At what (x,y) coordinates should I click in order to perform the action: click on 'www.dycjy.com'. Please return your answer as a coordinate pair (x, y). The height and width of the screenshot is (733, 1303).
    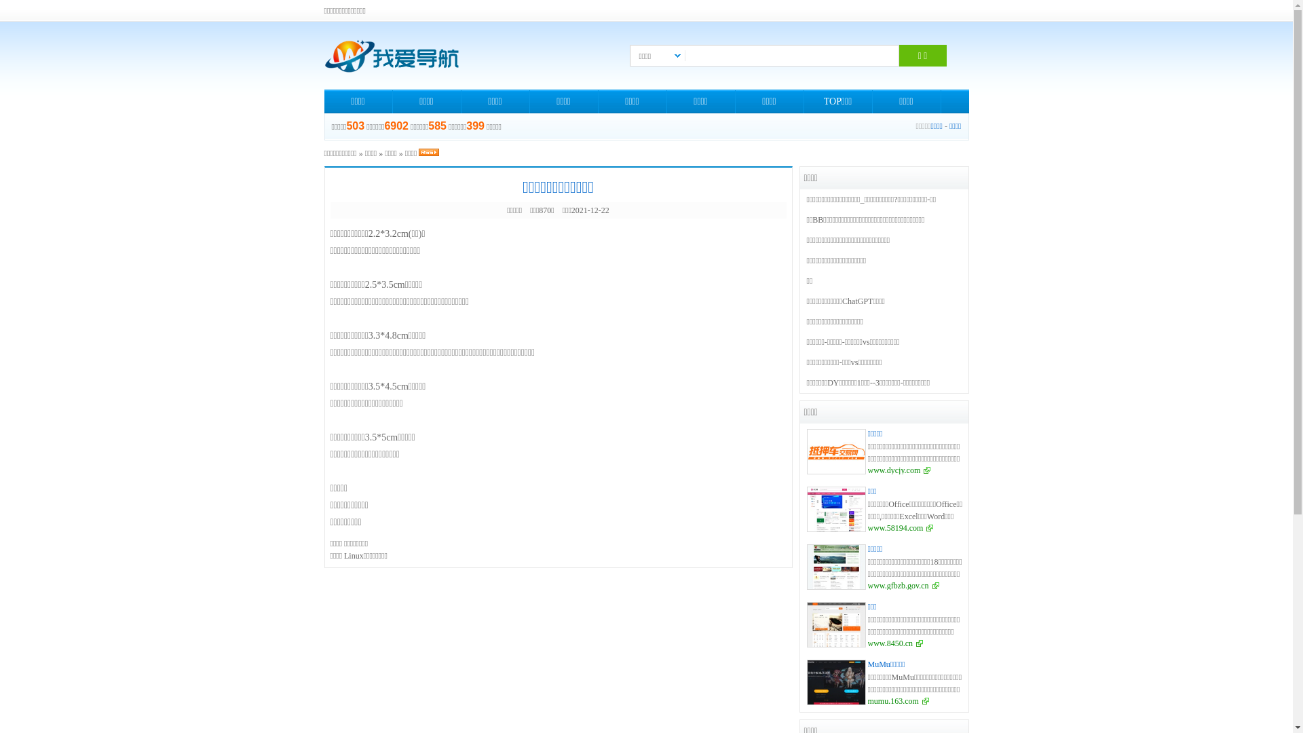
    Looking at the image, I should click on (866, 470).